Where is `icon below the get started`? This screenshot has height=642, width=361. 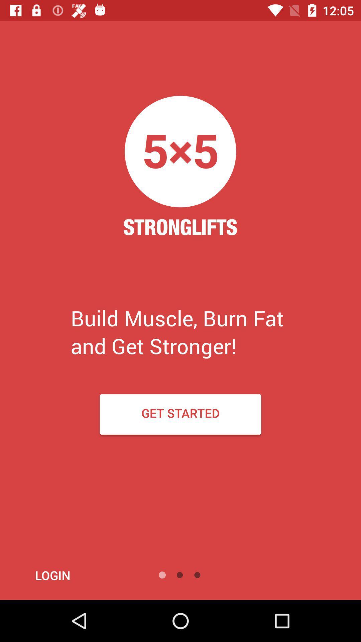 icon below the get started is located at coordinates (71, 575).